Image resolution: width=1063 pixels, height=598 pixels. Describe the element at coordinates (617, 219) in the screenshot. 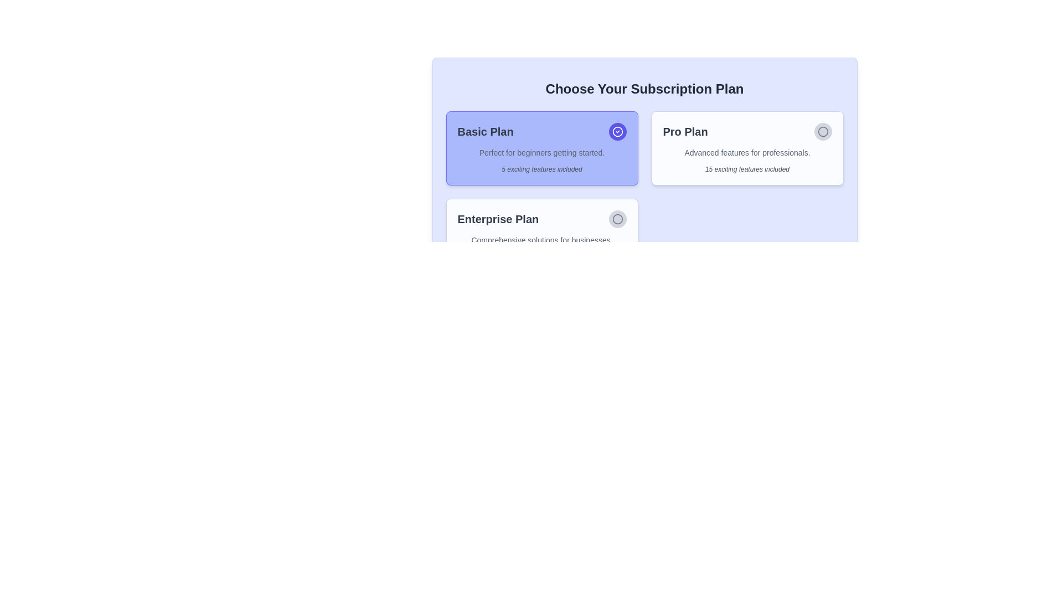

I see `the icon-based button or radio button located to the right of the 'Enterprise Plan' text` at that location.